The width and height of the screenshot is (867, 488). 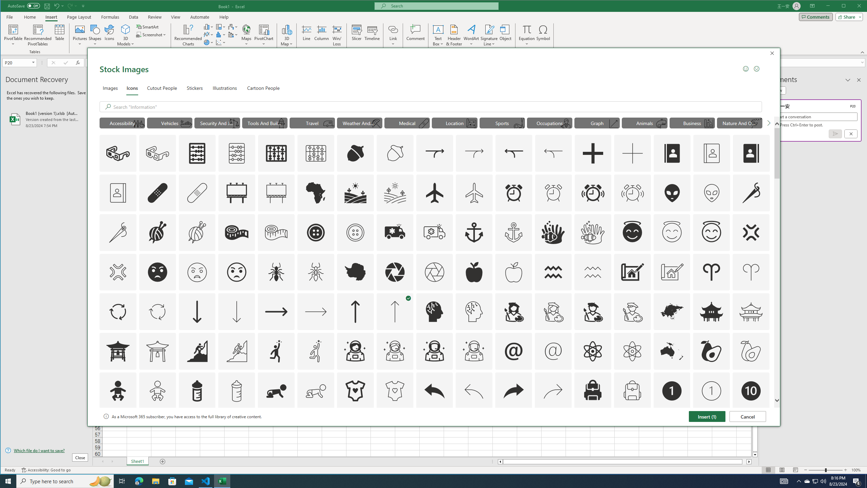 I want to click on 'AutomationID: Icons_Aspiration1_M', so click(x=316, y=351).